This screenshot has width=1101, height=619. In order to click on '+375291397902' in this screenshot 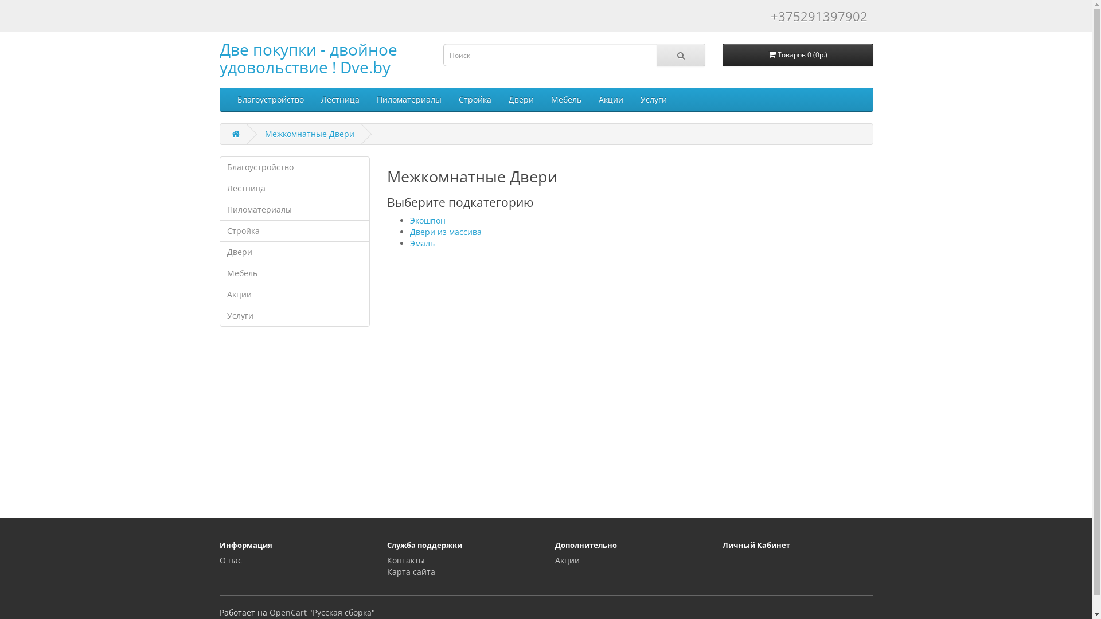, I will do `click(818, 15)`.